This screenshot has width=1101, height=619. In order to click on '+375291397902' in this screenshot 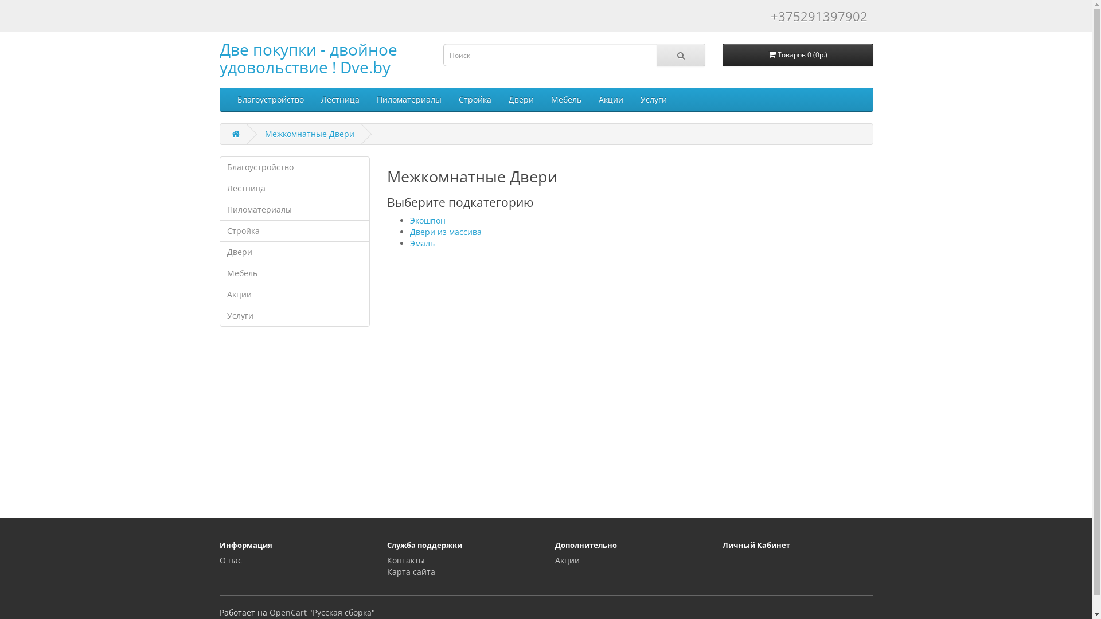, I will do `click(818, 15)`.